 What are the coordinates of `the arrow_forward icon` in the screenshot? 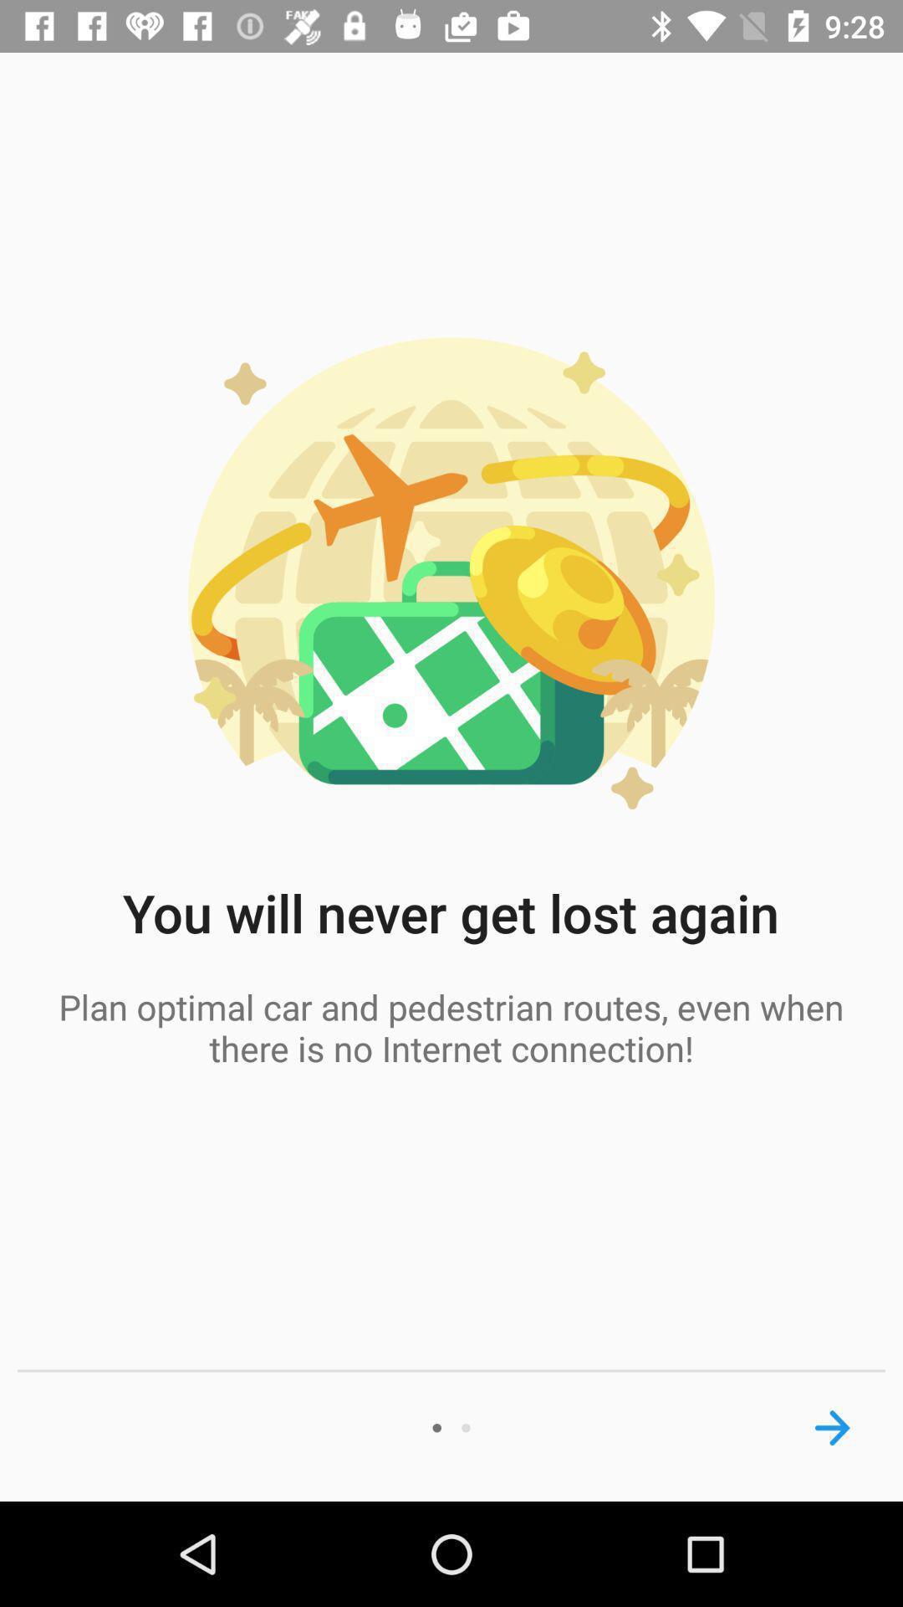 It's located at (832, 1427).